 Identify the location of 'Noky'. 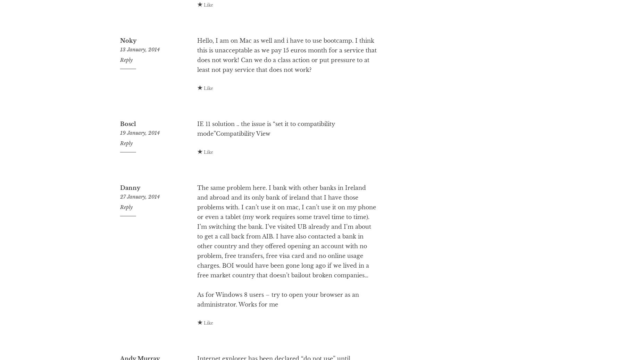
(128, 68).